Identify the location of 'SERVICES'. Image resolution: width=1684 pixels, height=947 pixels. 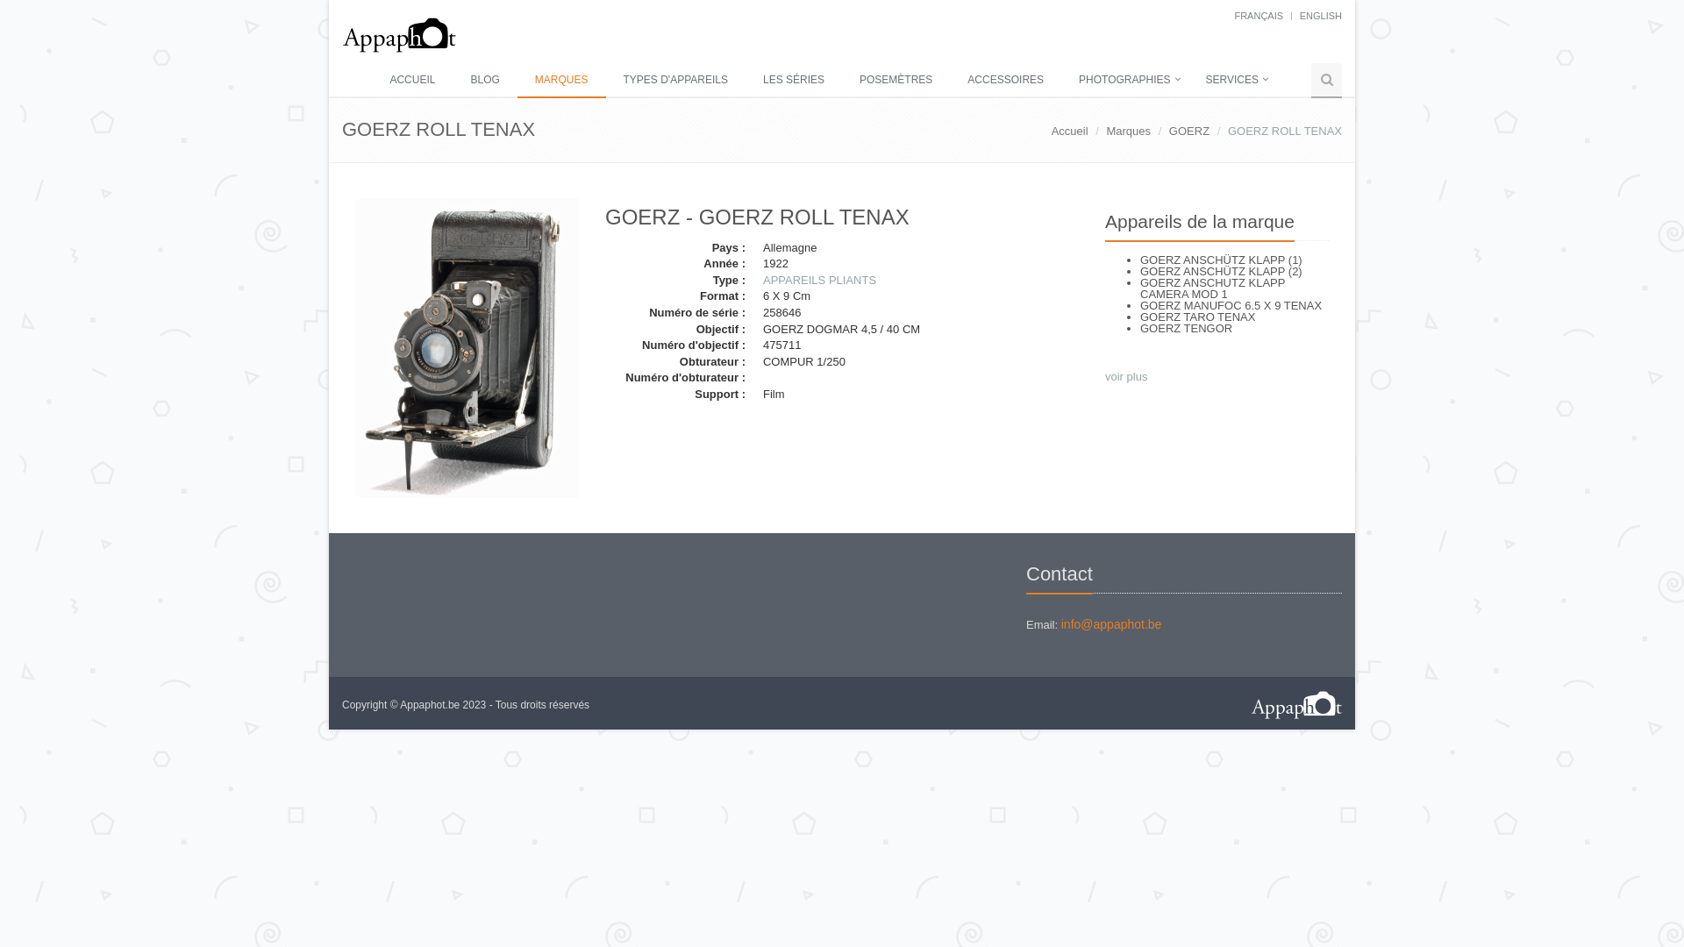
(1188, 81).